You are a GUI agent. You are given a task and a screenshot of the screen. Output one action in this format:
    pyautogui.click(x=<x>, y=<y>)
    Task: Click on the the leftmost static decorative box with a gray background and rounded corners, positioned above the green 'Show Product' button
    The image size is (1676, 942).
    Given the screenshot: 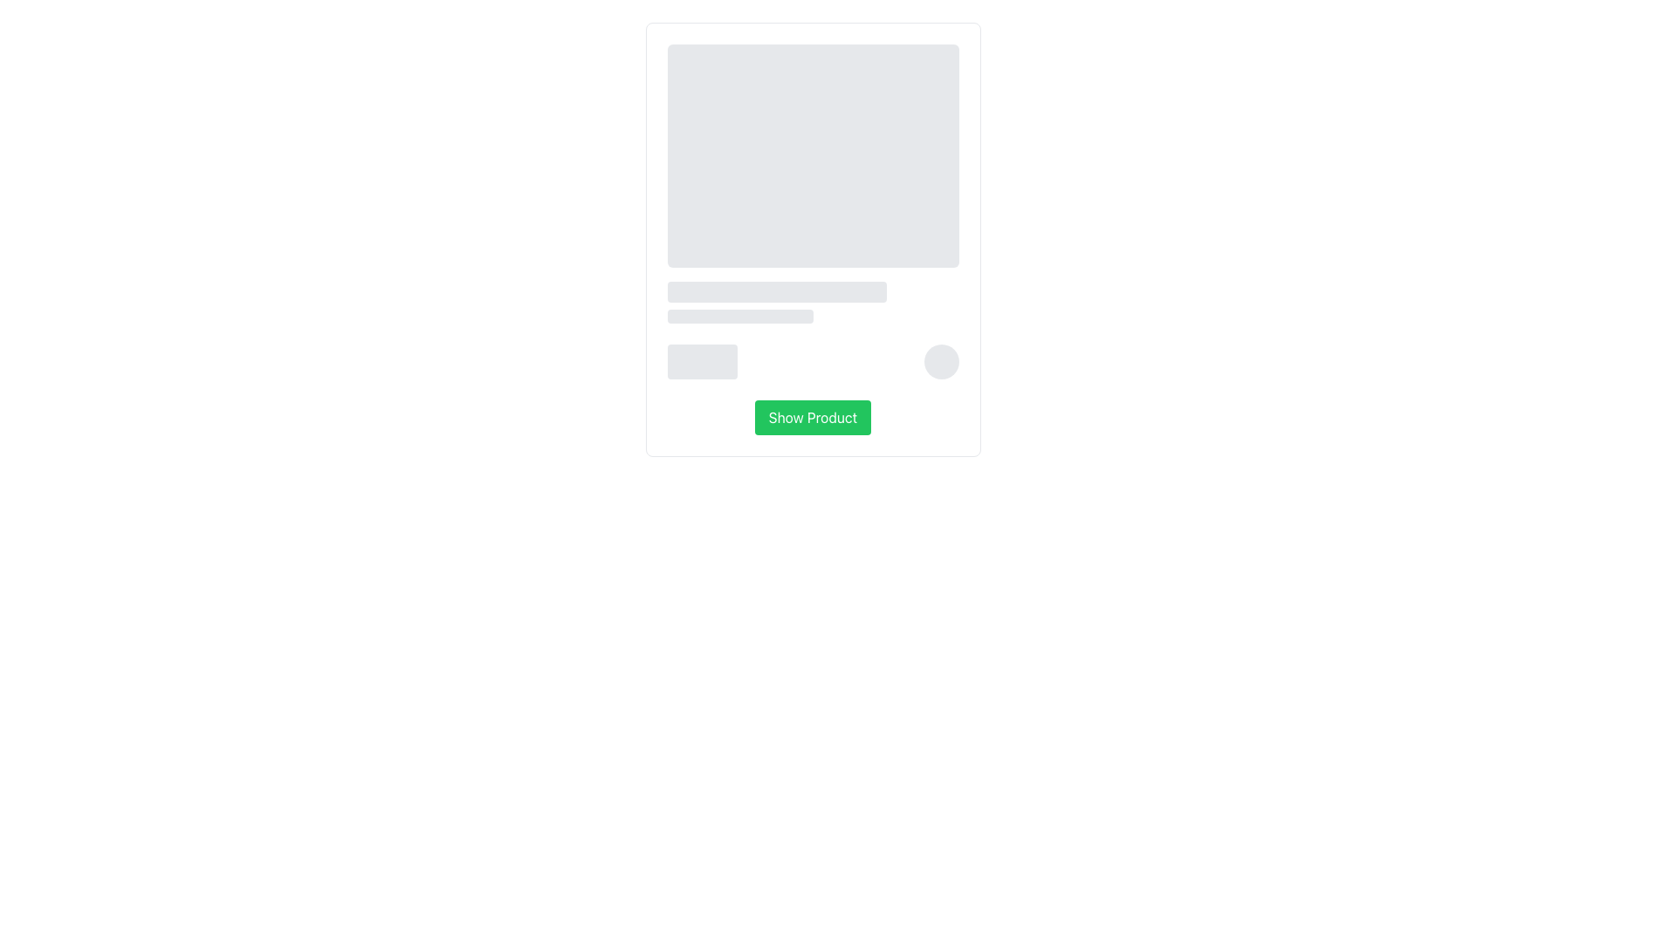 What is the action you would take?
    pyautogui.click(x=702, y=361)
    